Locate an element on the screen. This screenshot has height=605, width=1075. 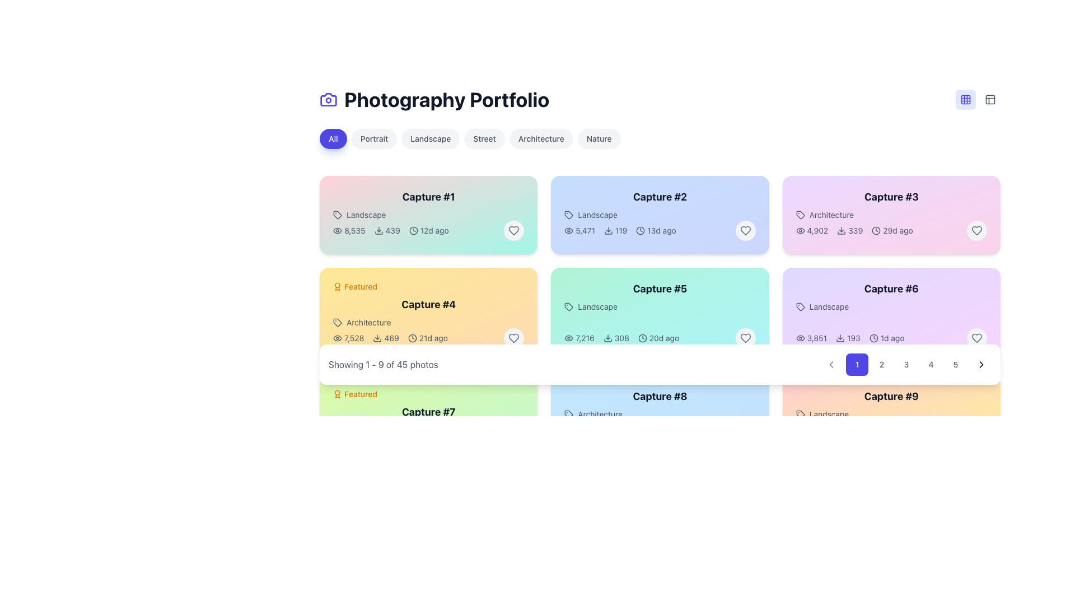
the tag icon, which is a graphical symbol with a typical tag shape featuring a slanted parallelogram and a small circular hole, located to the left of category labels like 'Landscape' or 'Architecture' in the photo album interface is located at coordinates (337, 215).